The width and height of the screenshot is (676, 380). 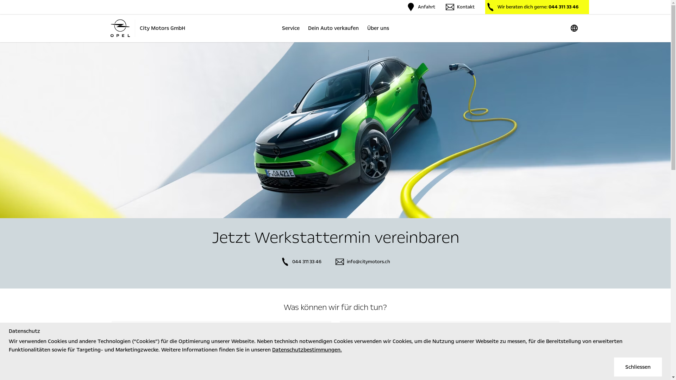 What do you see at coordinates (362, 262) in the screenshot?
I see `'info@citymotors.ch'` at bounding box center [362, 262].